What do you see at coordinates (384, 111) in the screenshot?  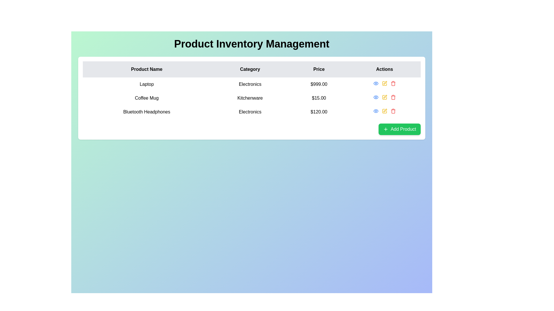 I see `the edit button located in the 'Actions' column of the table row for 'Bluetooth Headphones'` at bounding box center [384, 111].